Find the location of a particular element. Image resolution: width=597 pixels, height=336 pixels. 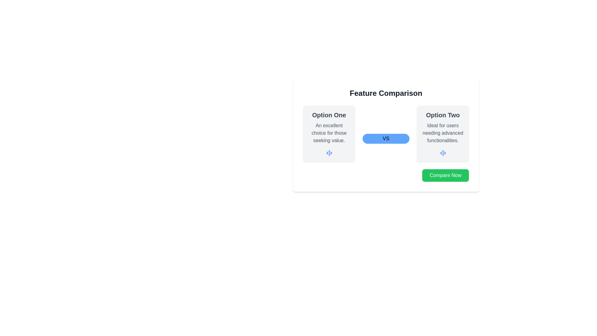

the Decorative vertical separator icon located at the lower center of the 'Option Two' card, which is positioned in the middle of three visual elements is located at coordinates (442, 153).